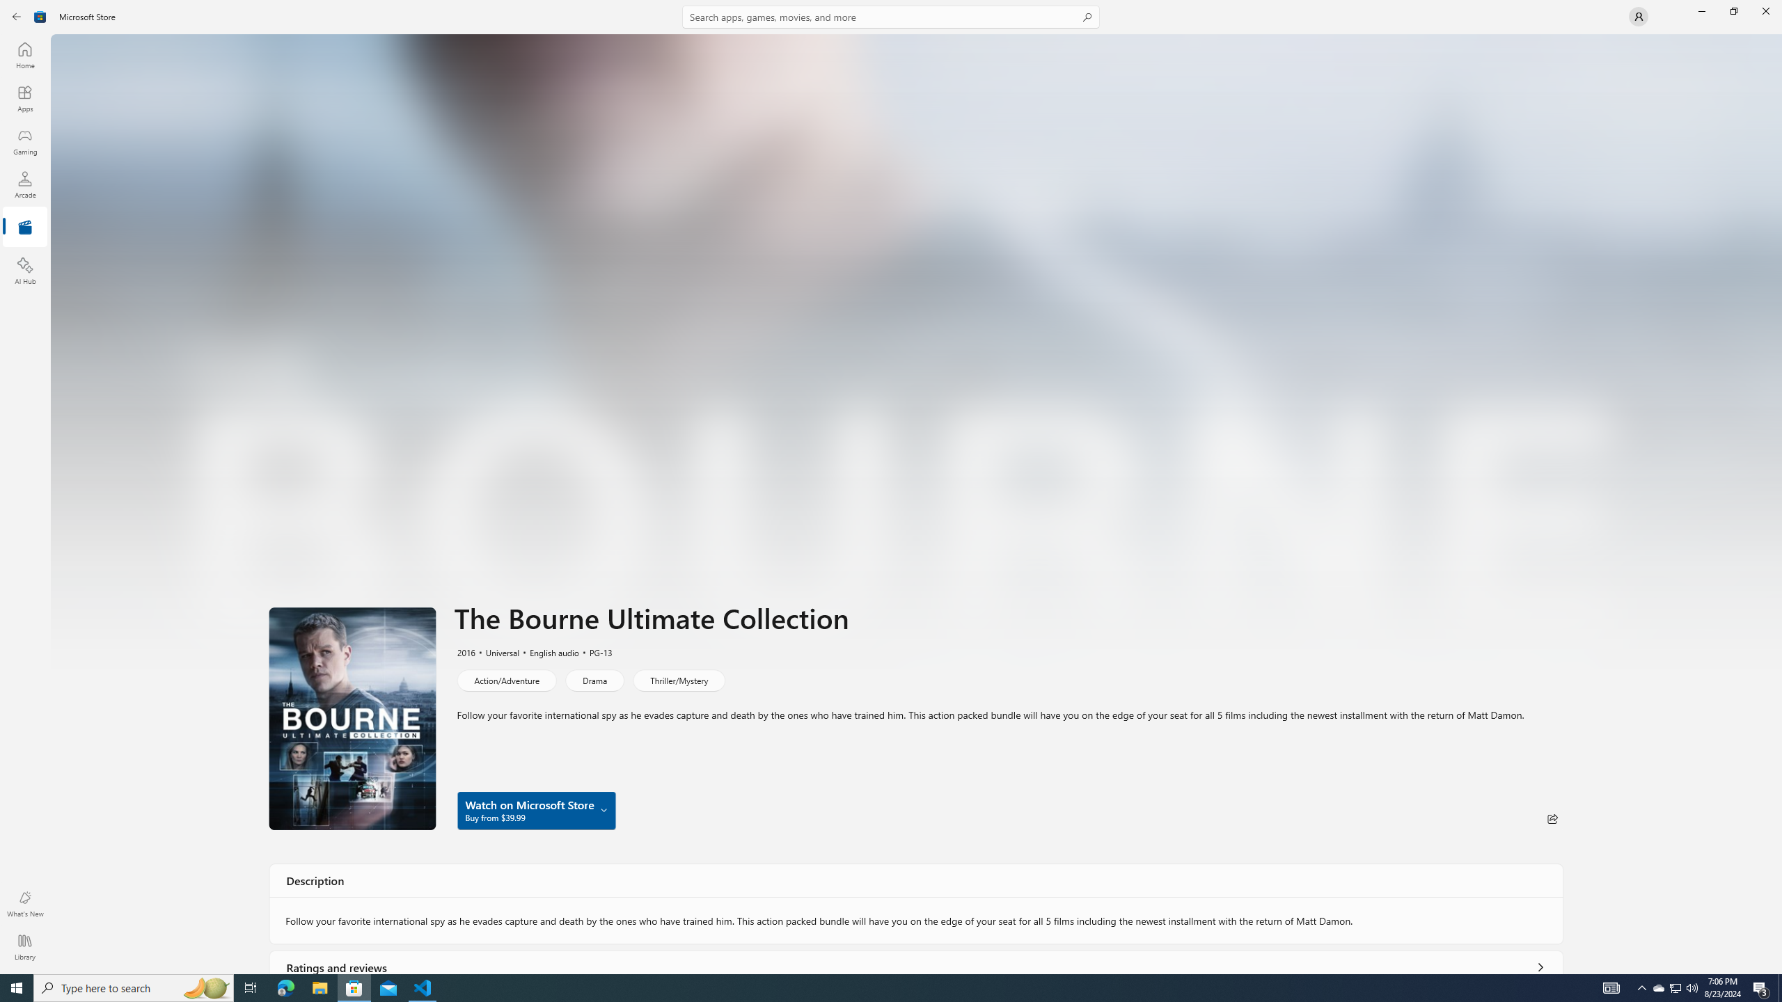 The width and height of the screenshot is (1782, 1002). Describe the element at coordinates (536, 810) in the screenshot. I see `'Watch on Microsoft Store Buy from $39.99'` at that location.